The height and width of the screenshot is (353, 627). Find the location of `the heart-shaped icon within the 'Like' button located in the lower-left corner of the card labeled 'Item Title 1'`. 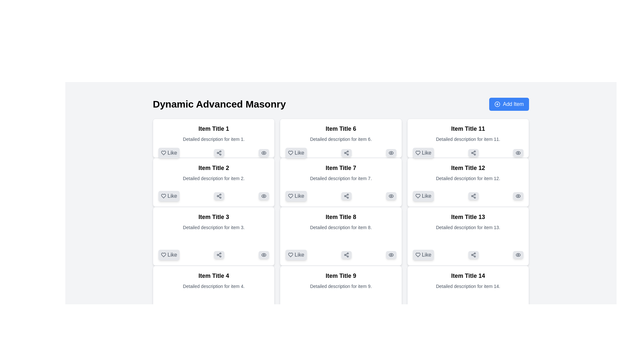

the heart-shaped icon within the 'Like' button located in the lower-left corner of the card labeled 'Item Title 1' is located at coordinates (163, 153).